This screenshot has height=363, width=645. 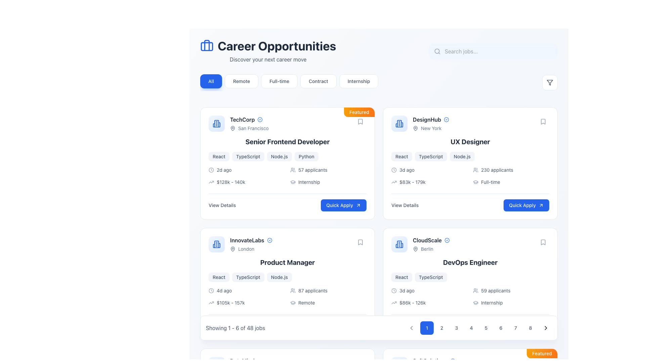 What do you see at coordinates (260, 119) in the screenshot?
I see `the decorative background element of the badge icon located in the top-left corner of the job card labeled 'TechCorp'` at bounding box center [260, 119].